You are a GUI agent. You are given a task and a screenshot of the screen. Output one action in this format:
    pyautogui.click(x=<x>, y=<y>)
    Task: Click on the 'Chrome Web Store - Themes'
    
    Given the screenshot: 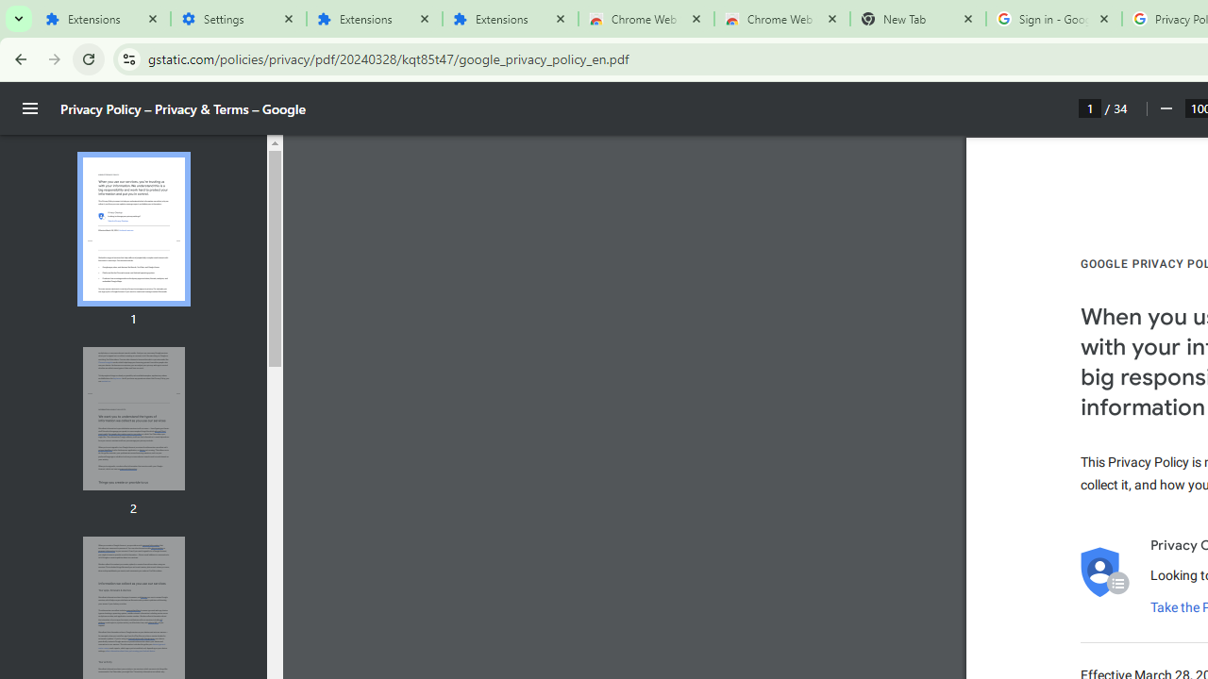 What is the action you would take?
    pyautogui.click(x=781, y=19)
    